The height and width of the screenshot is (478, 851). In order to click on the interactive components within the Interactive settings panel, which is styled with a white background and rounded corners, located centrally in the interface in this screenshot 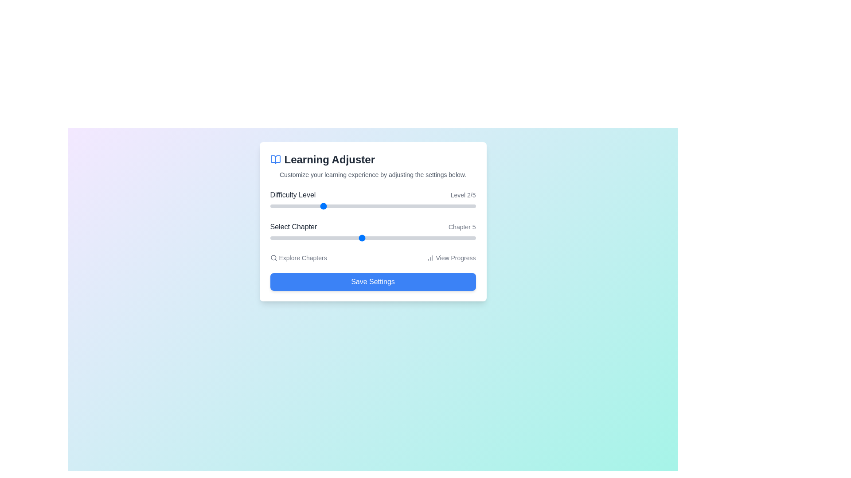, I will do `click(373, 221)`.